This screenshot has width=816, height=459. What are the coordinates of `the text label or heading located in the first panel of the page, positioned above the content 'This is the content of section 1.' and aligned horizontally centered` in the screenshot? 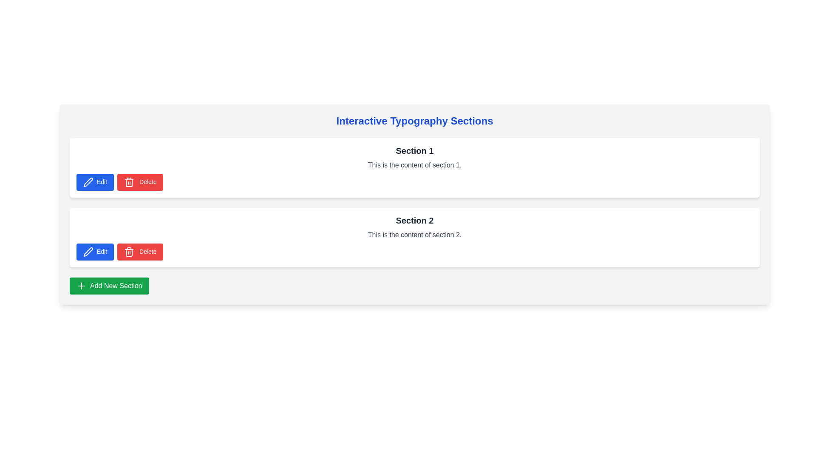 It's located at (414, 150).